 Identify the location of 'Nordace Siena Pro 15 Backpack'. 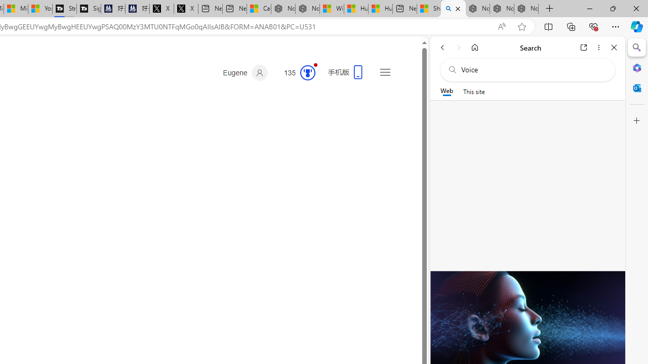
(502, 9).